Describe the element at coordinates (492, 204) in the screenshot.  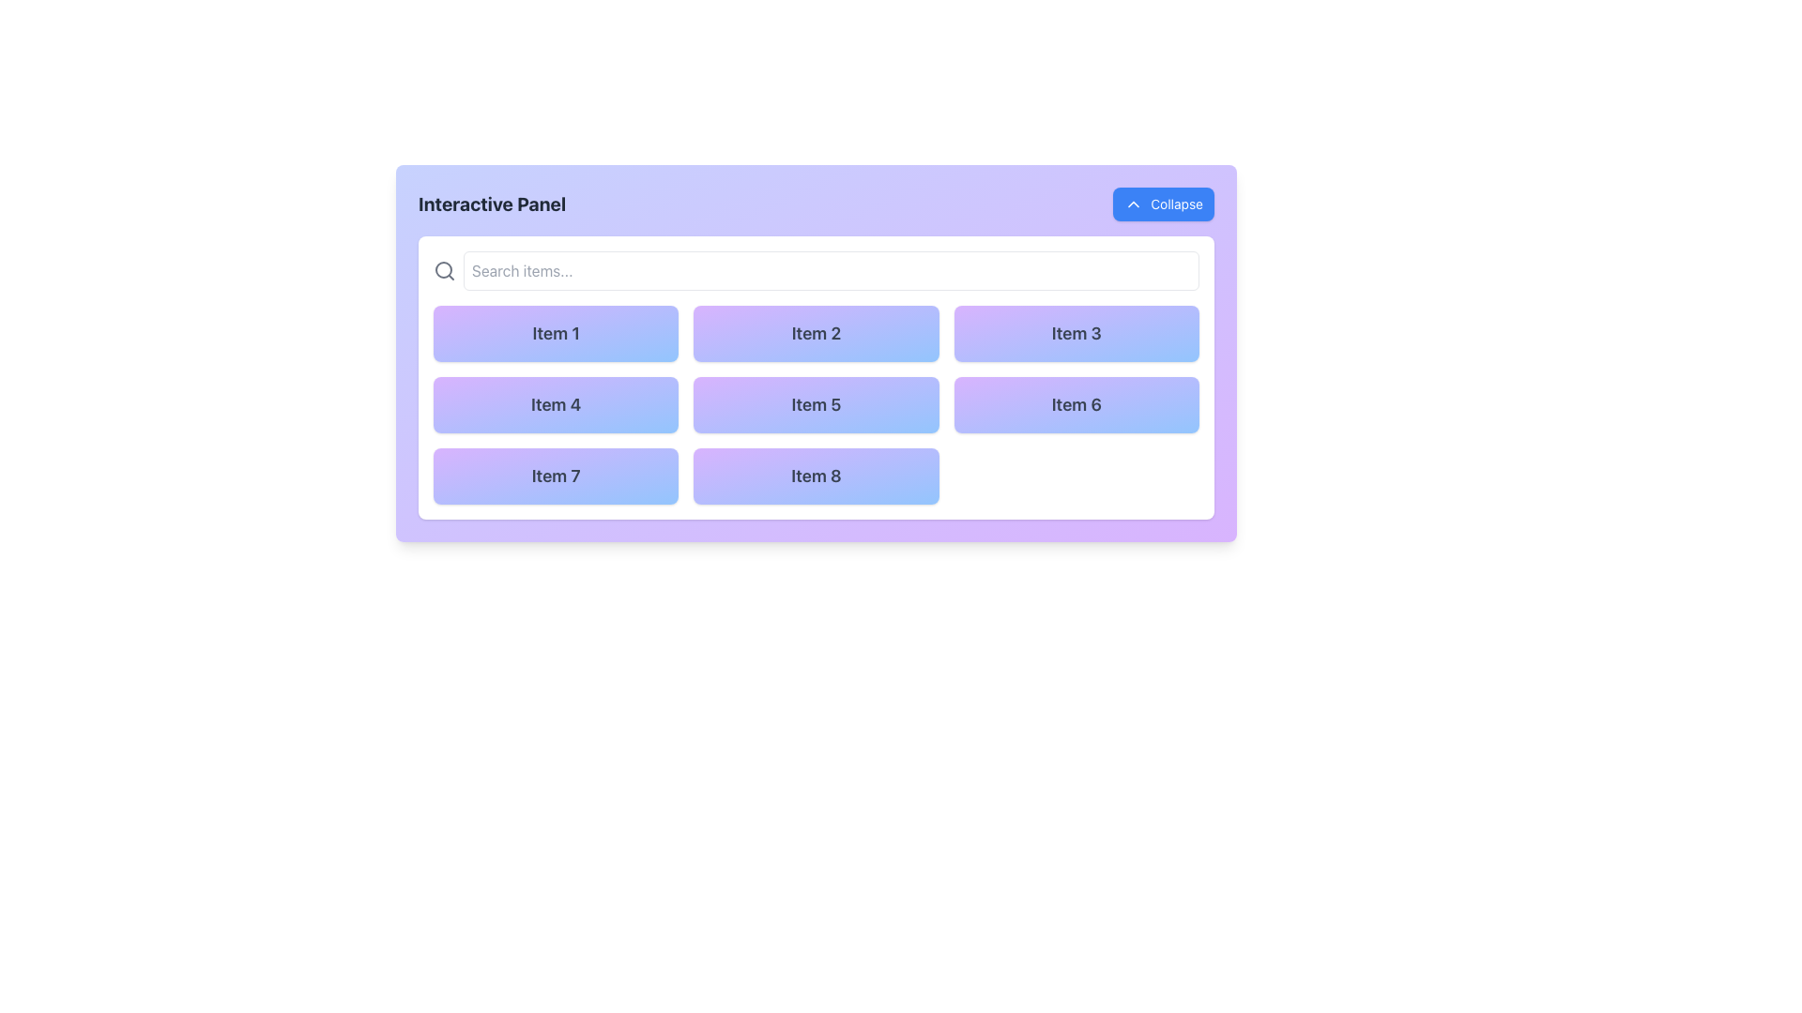
I see `the Text Label that serves as a header for the interactive panel, located near the top left of the interface` at that location.